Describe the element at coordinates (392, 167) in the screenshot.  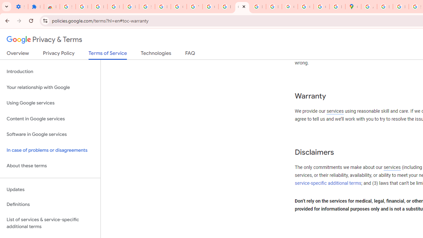
I see `'services'` at that location.